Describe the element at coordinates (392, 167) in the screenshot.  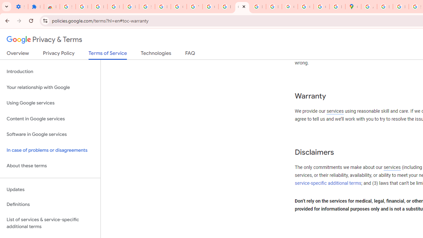
I see `'services'` at that location.